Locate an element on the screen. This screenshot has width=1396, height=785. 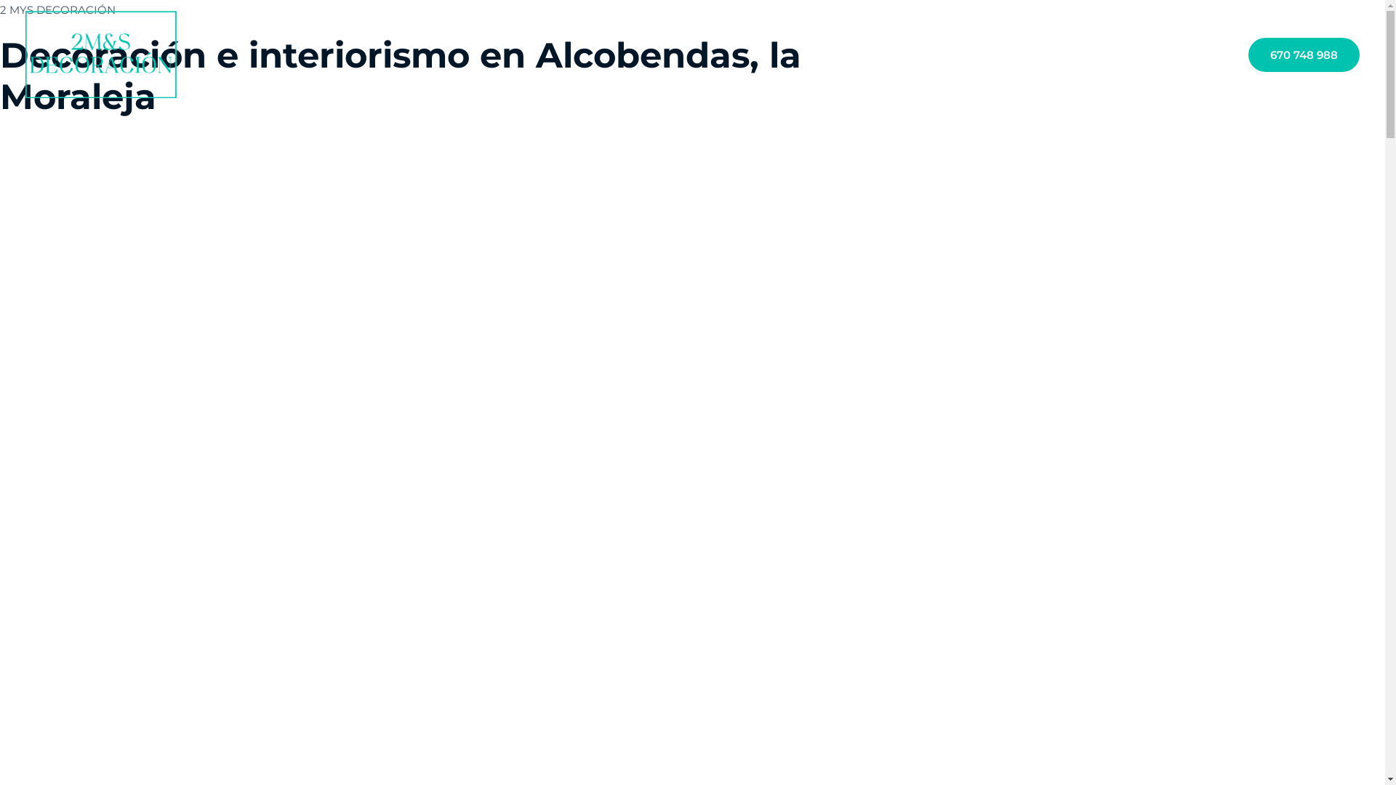
'Contacto' is located at coordinates (1198, 55).